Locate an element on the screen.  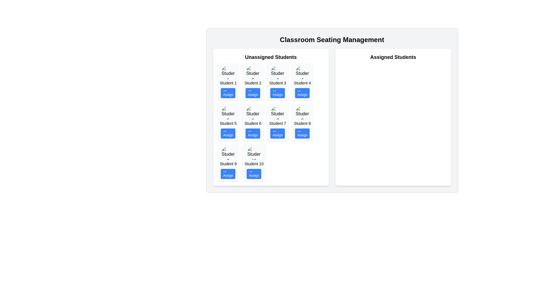
the Avatar image representing 'Student 1', which is a circular image with a green and blue icon and the text 'Stu 1', located in the 'Unassigned Students' section is located at coordinates (228, 72).